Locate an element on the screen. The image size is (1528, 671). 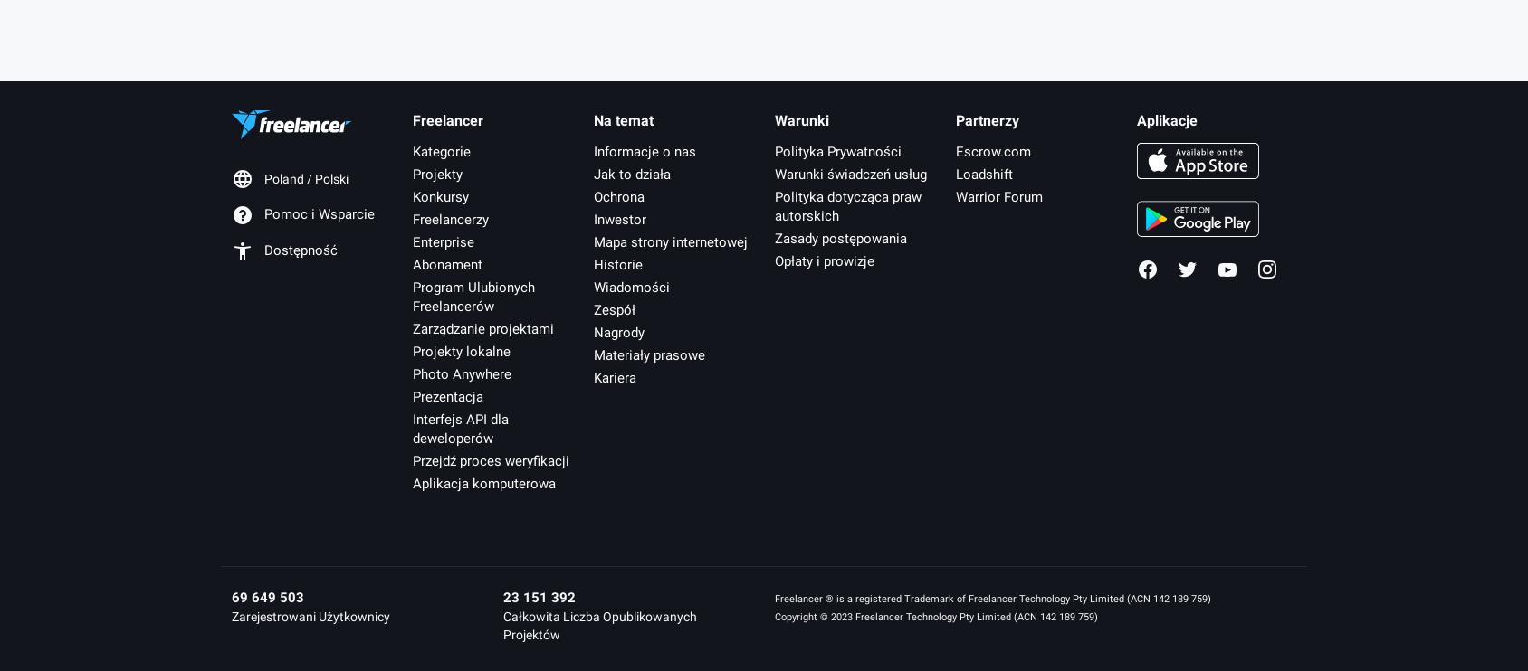
'Freelancer' is located at coordinates (446, 118).